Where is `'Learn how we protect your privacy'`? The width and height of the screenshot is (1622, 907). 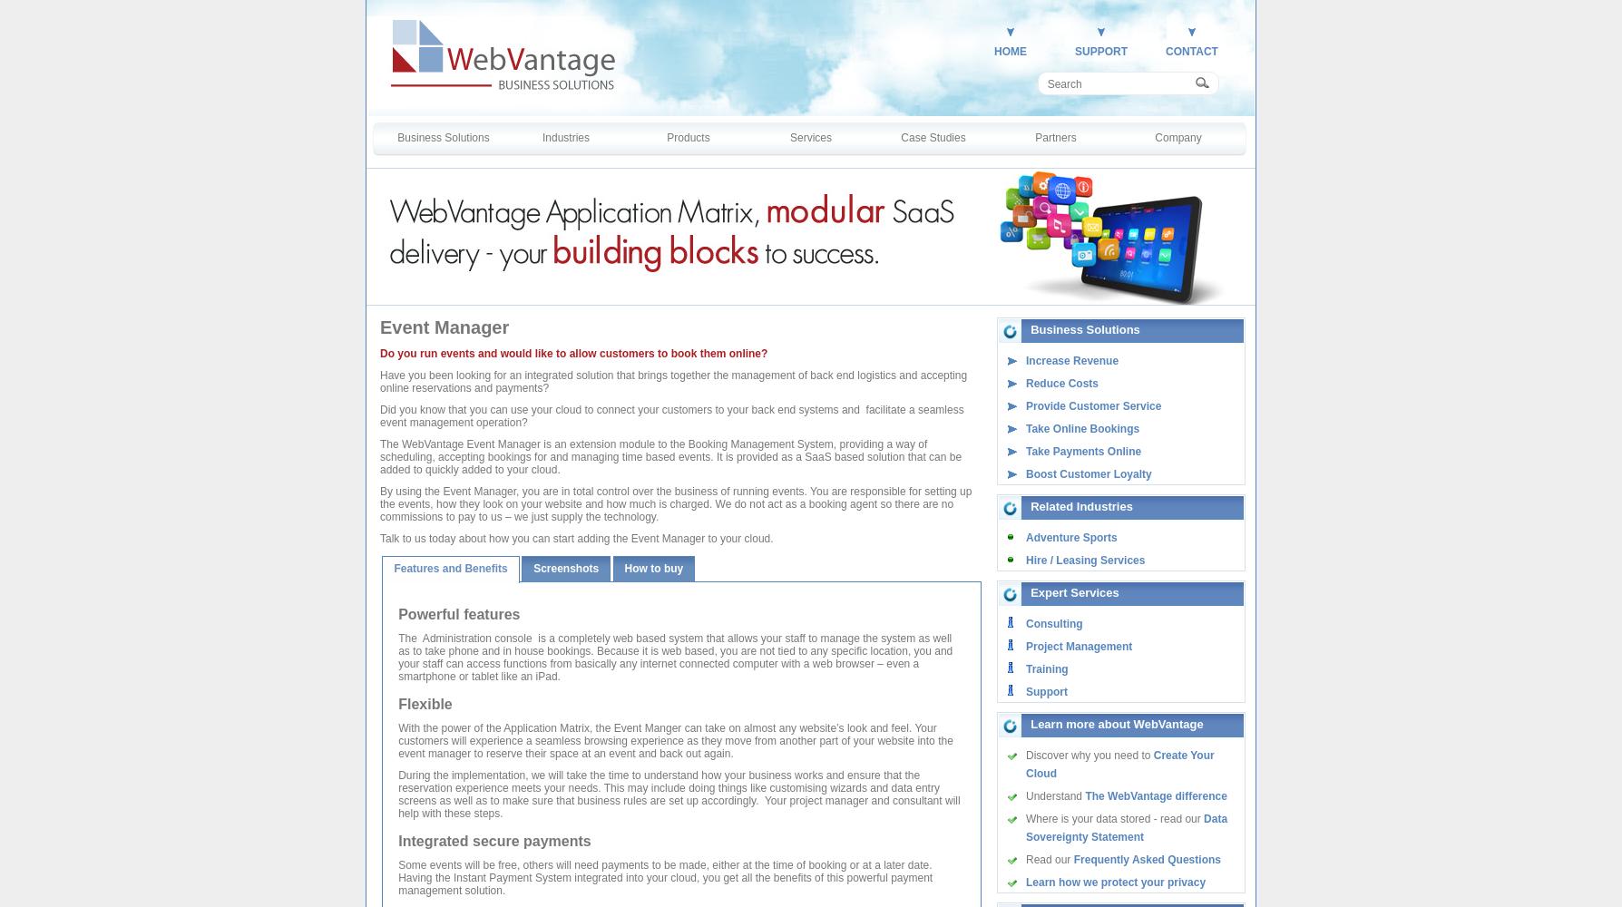
'Learn how we protect your privacy' is located at coordinates (1114, 882).